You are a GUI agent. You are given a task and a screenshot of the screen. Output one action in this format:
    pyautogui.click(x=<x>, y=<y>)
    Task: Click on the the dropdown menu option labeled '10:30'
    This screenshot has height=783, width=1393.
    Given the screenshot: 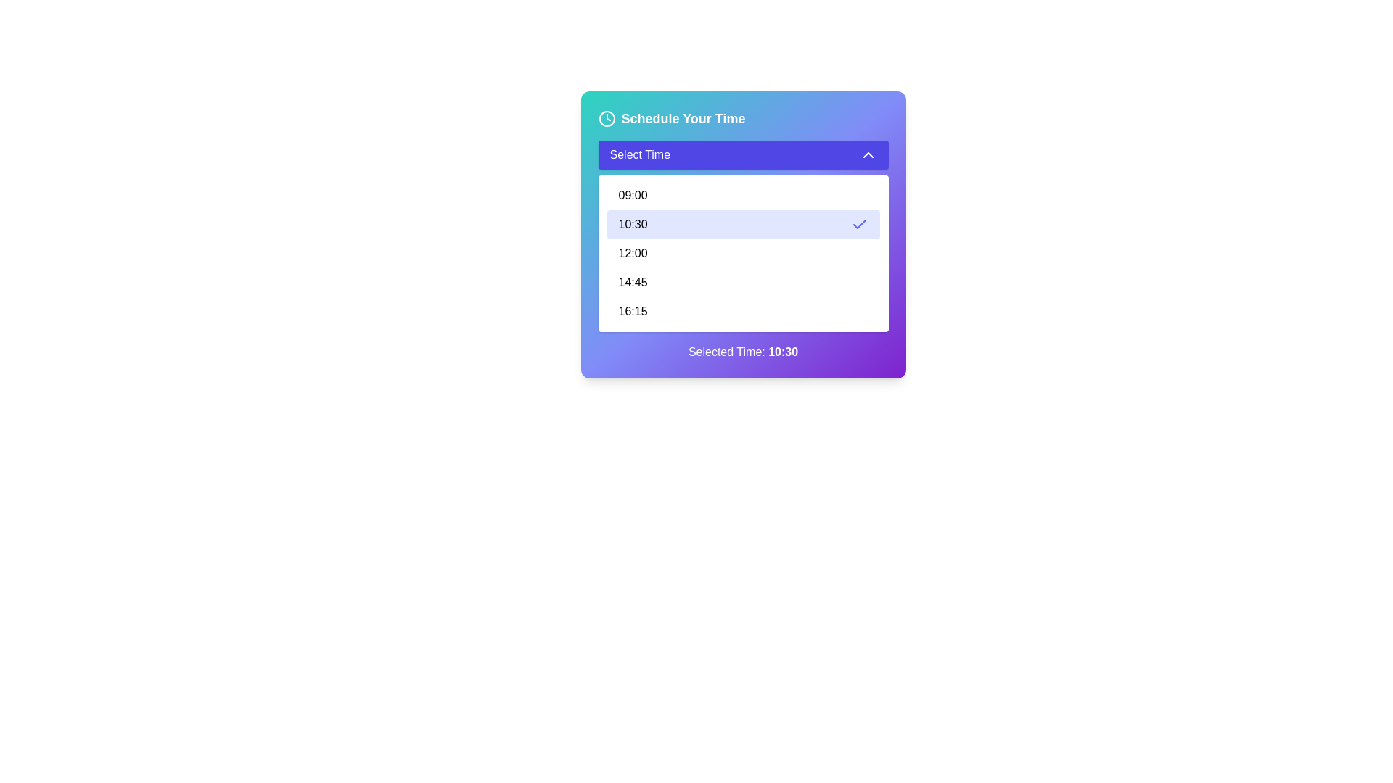 What is the action you would take?
    pyautogui.click(x=743, y=250)
    